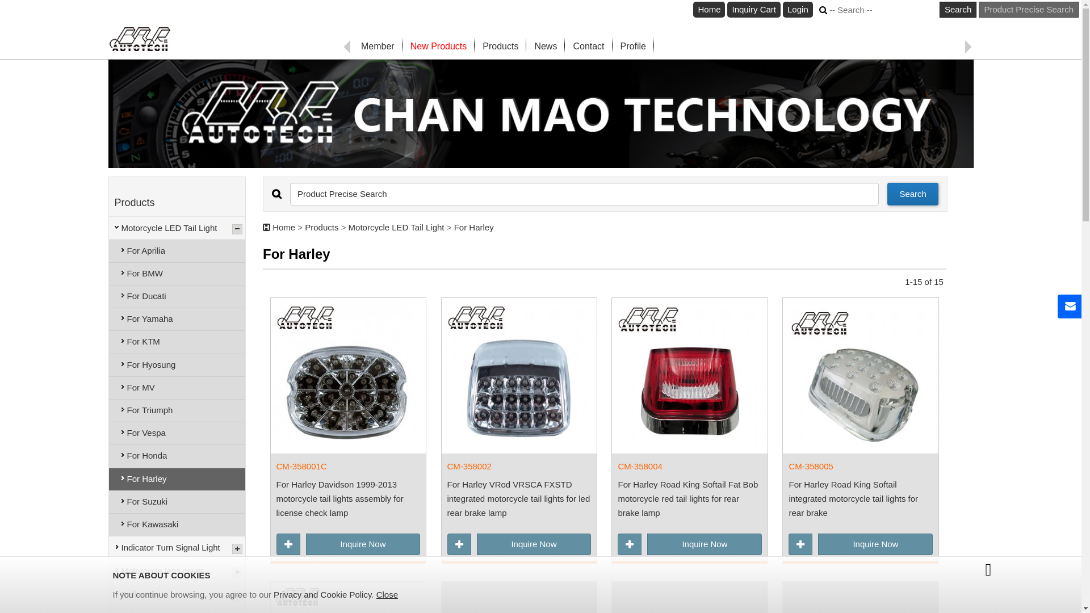 The image size is (1090, 613). What do you see at coordinates (1068, 306) in the screenshot?
I see `'Contact Us'` at bounding box center [1068, 306].